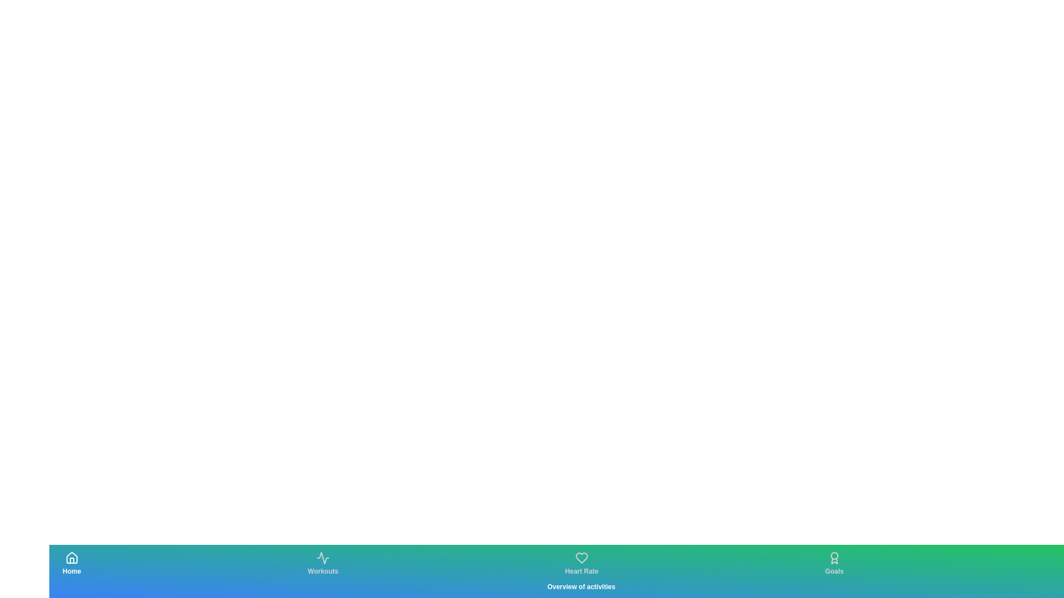 Image resolution: width=1064 pixels, height=598 pixels. I want to click on the Heart Rate tab to switch to its section, so click(581, 564).